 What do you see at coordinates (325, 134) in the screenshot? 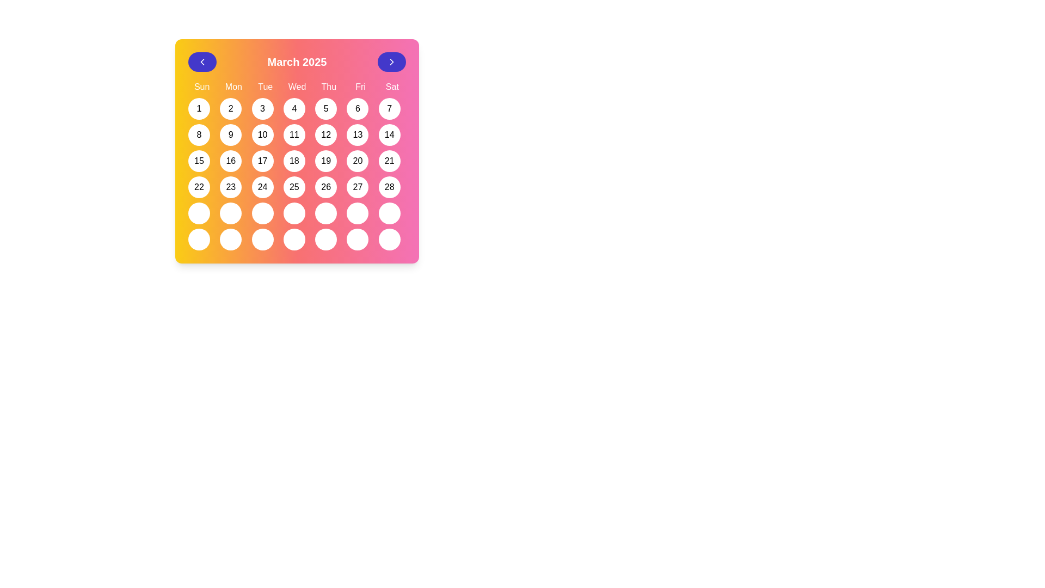
I see `the circular button displaying the number '12'` at bounding box center [325, 134].